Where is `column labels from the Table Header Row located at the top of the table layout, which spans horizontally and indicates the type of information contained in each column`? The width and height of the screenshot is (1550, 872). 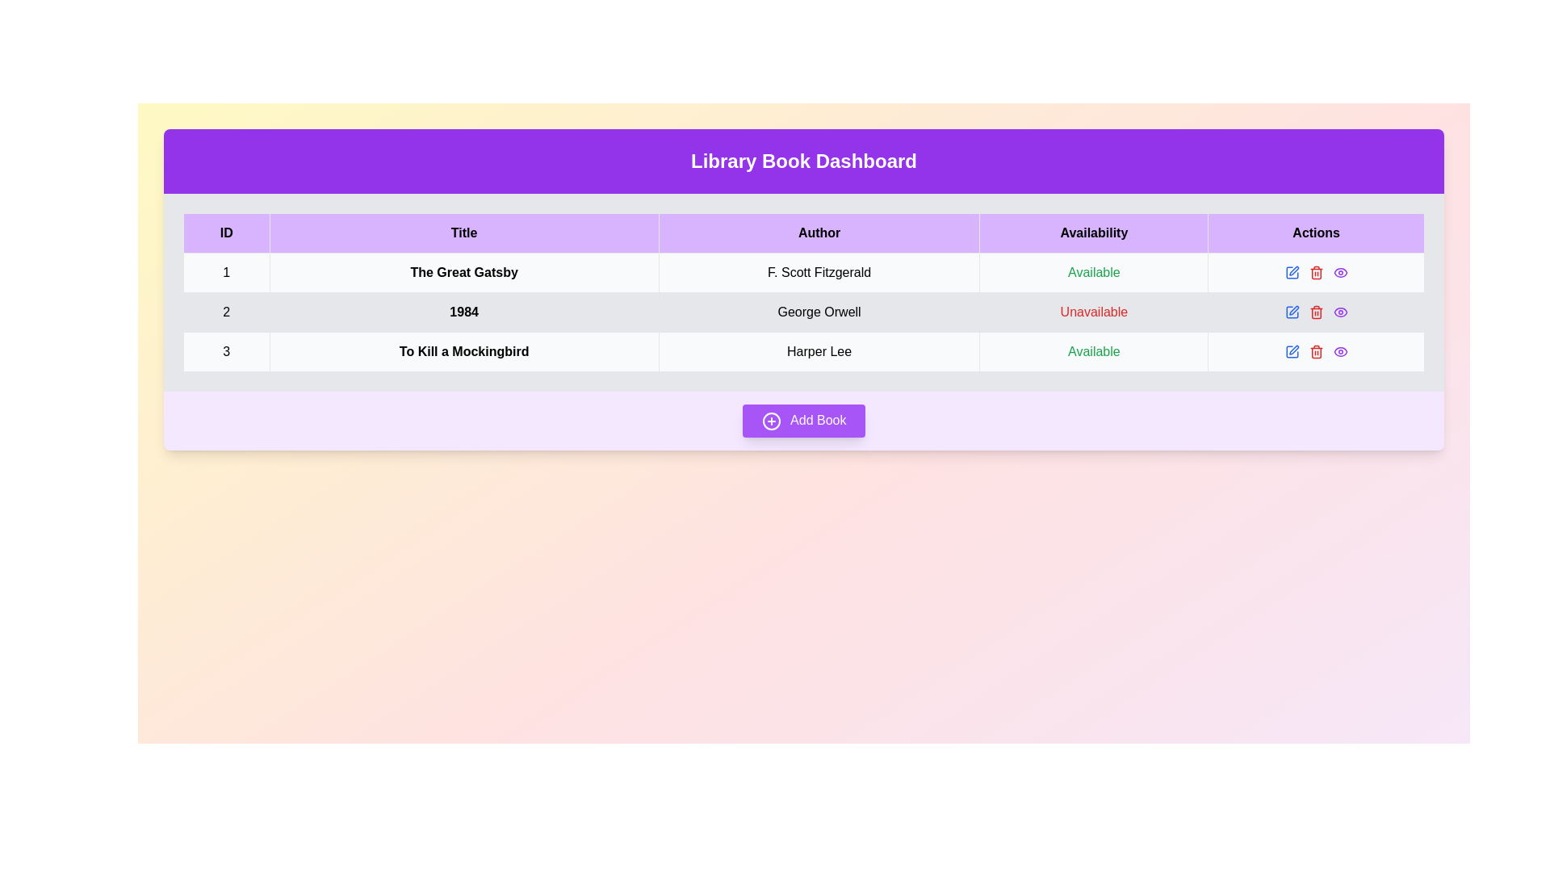 column labels from the Table Header Row located at the top of the table layout, which spans horizontally and indicates the type of information contained in each column is located at coordinates (804, 233).